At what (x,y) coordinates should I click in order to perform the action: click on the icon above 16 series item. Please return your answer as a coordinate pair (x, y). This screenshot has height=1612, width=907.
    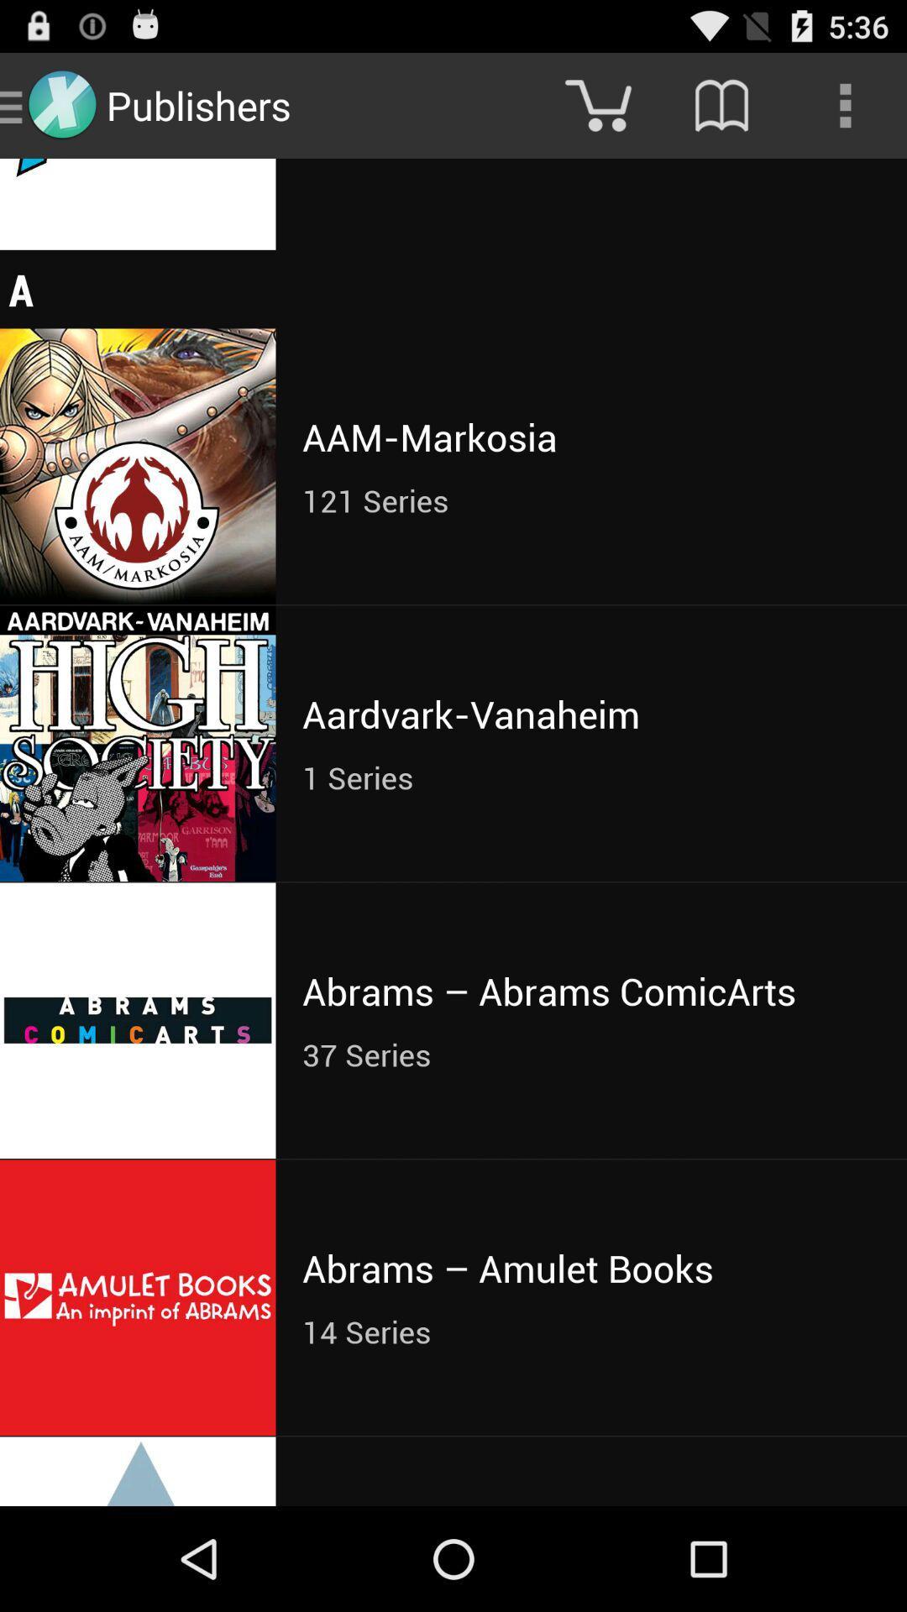
    Looking at the image, I should click on (721, 104).